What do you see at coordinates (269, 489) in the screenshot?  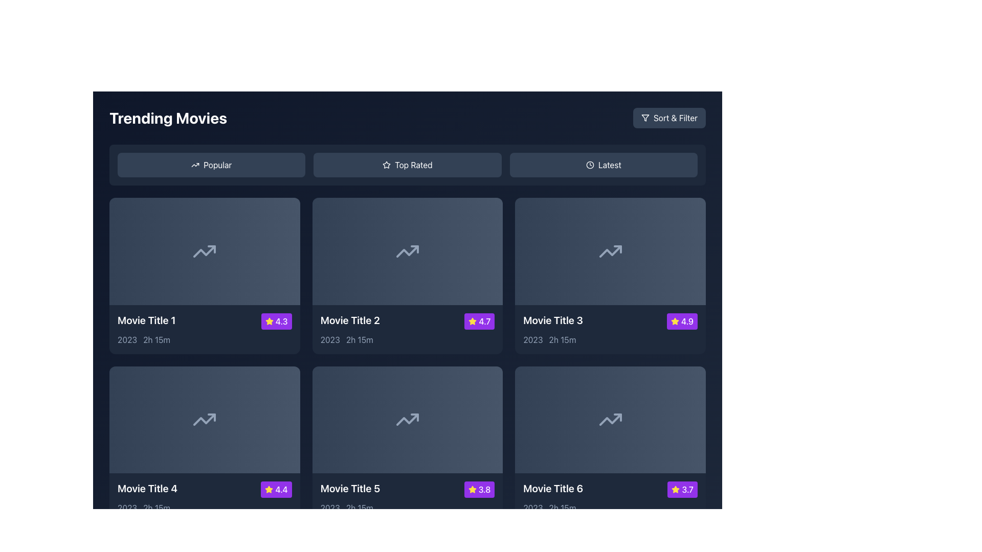 I see `the star-shaped yellow icon located next to the purple box containing the rating number '4.4' for 'Movie Title 4'` at bounding box center [269, 489].